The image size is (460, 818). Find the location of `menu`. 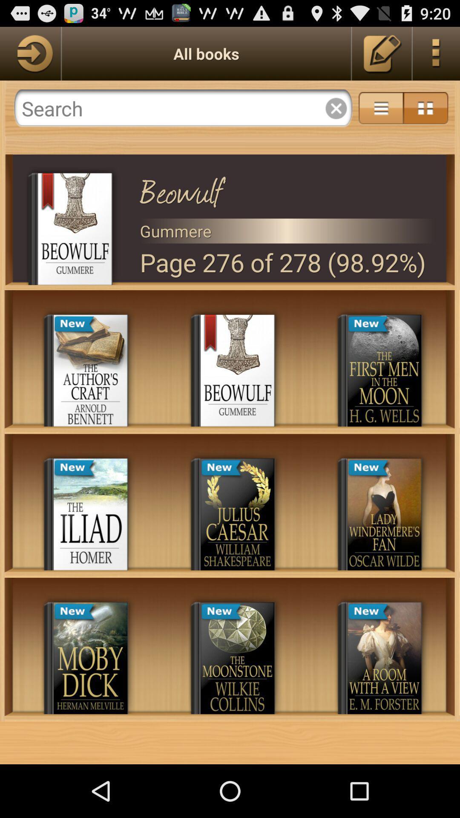

menu is located at coordinates (436, 53).